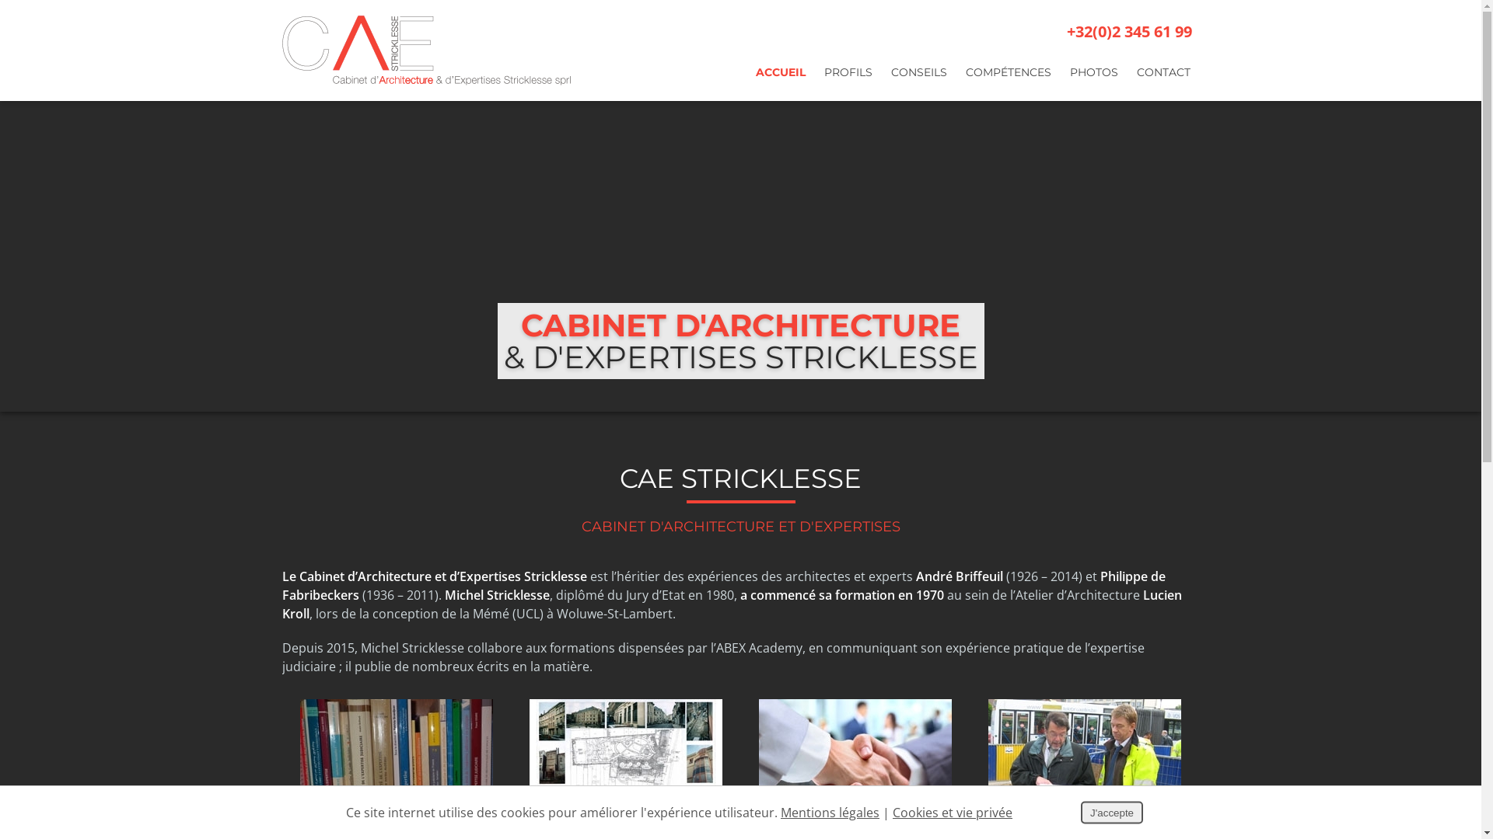  What do you see at coordinates (530, 763) in the screenshot?
I see `'Architecture'` at bounding box center [530, 763].